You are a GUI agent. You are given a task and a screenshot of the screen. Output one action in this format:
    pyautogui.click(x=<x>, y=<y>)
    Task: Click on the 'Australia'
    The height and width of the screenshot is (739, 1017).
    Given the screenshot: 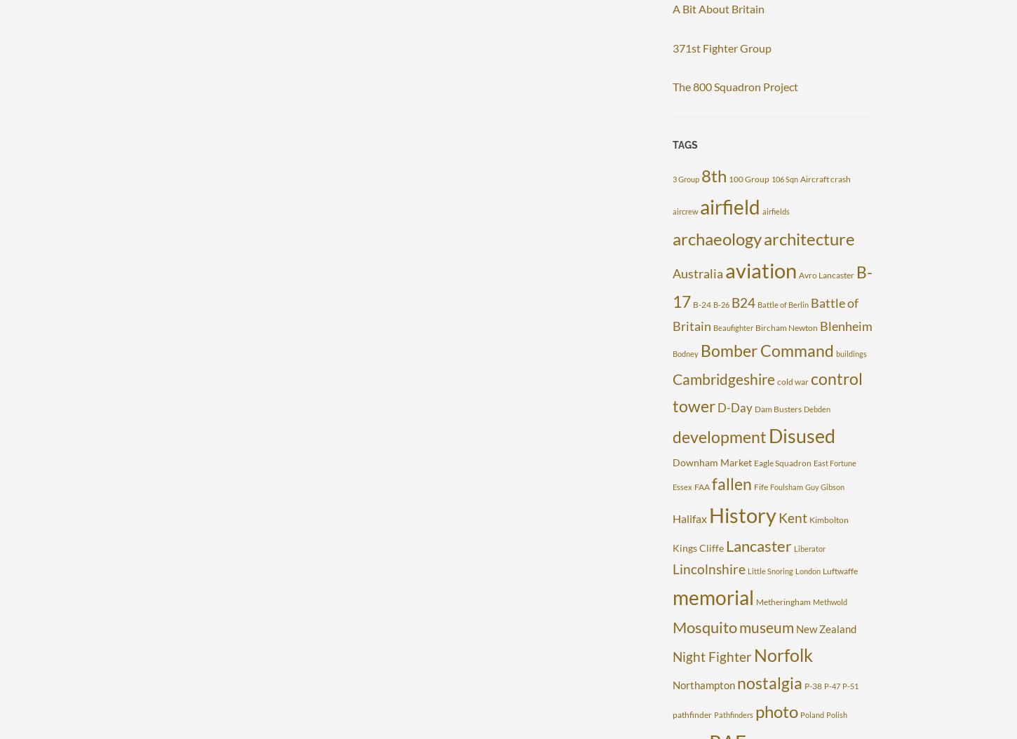 What is the action you would take?
    pyautogui.click(x=697, y=273)
    